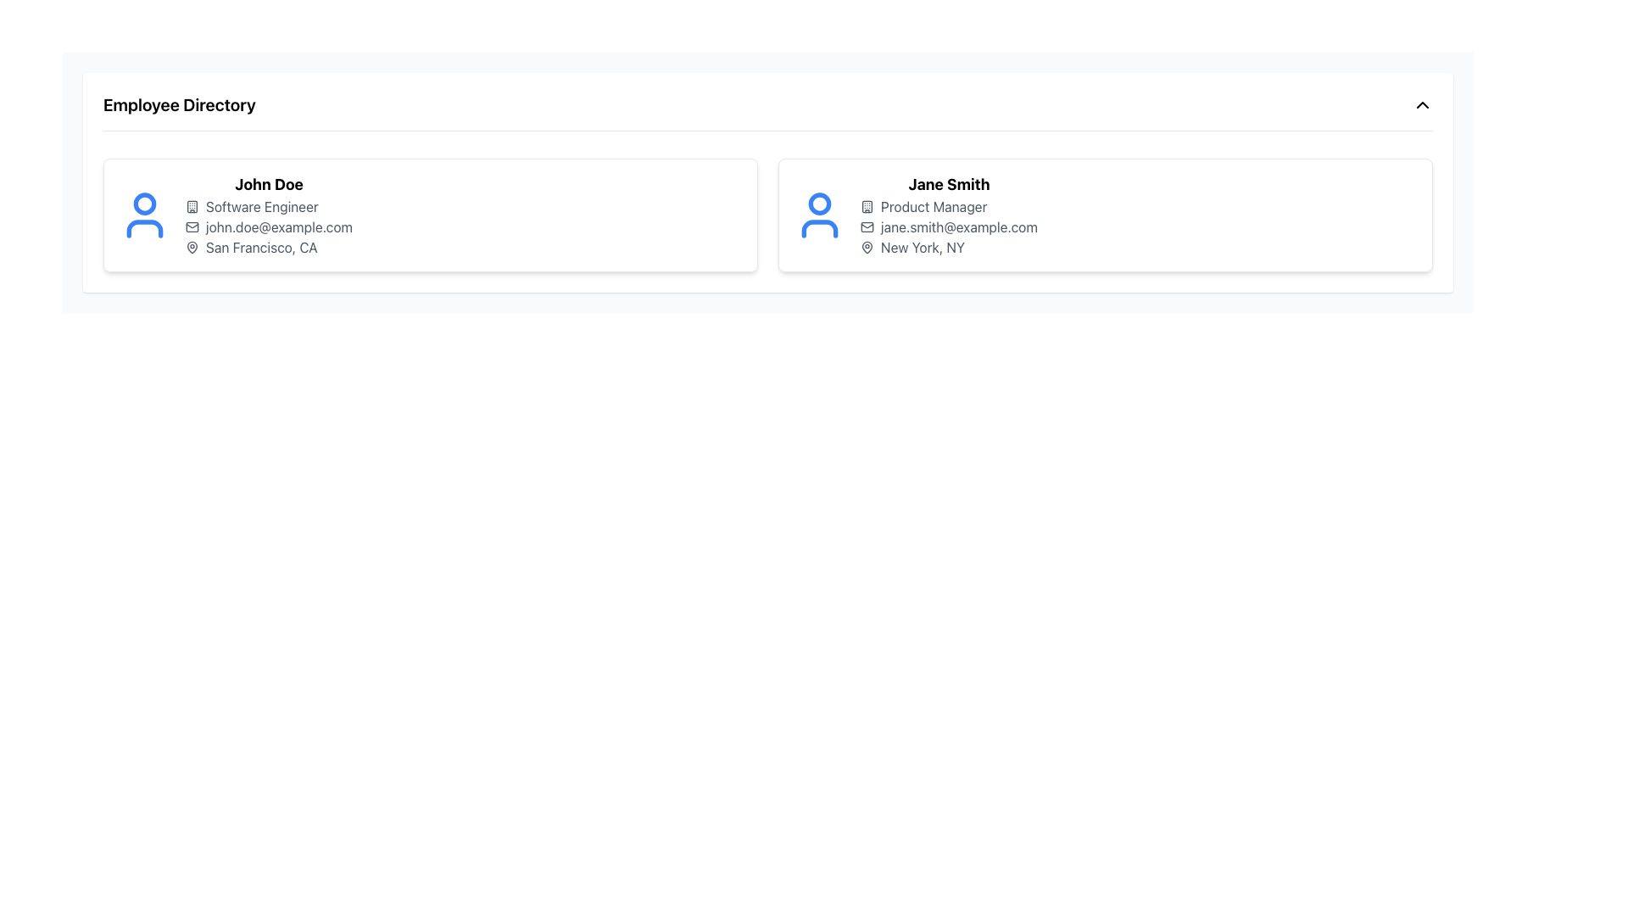 Image resolution: width=1628 pixels, height=916 pixels. What do you see at coordinates (948, 248) in the screenshot?
I see `the combined text display and decorative icon showing 'New York, NY' with a map marker icon, located at the bottom right of Jane Smith's contact card` at bounding box center [948, 248].